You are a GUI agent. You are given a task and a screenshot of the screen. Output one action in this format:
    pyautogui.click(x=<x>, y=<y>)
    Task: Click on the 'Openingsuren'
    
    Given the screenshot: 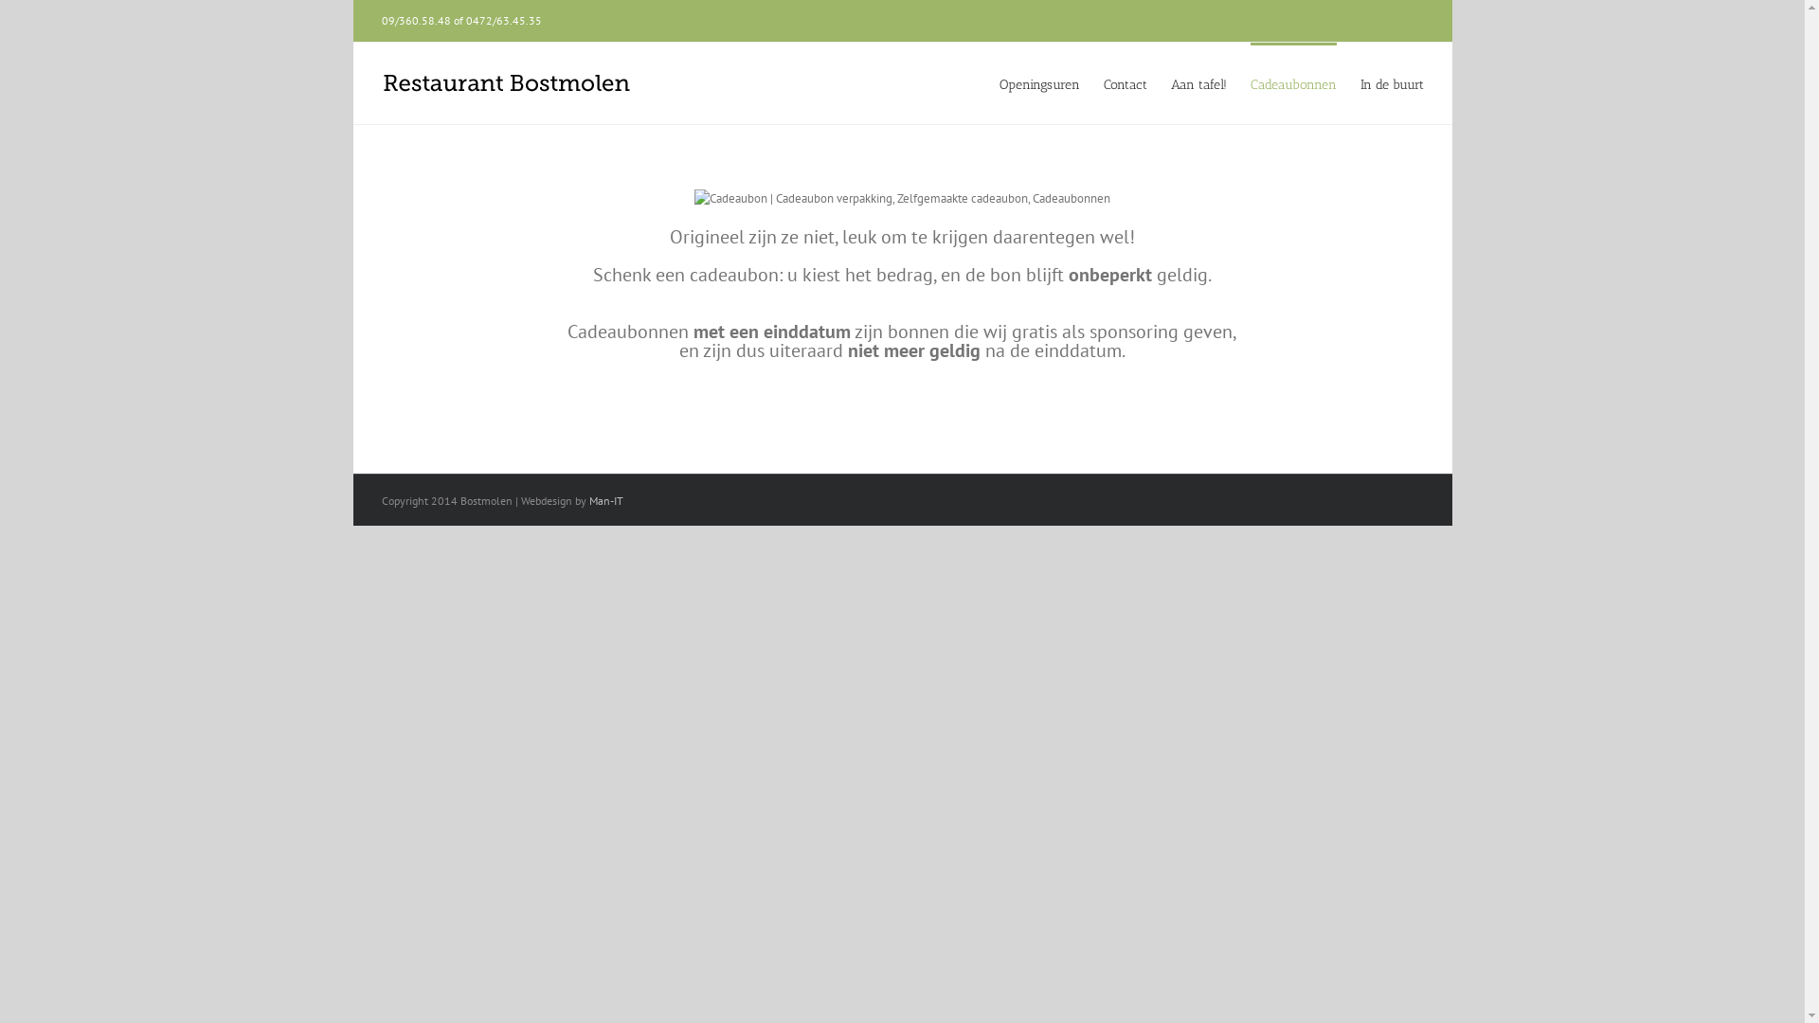 What is the action you would take?
    pyautogui.click(x=1037, y=82)
    